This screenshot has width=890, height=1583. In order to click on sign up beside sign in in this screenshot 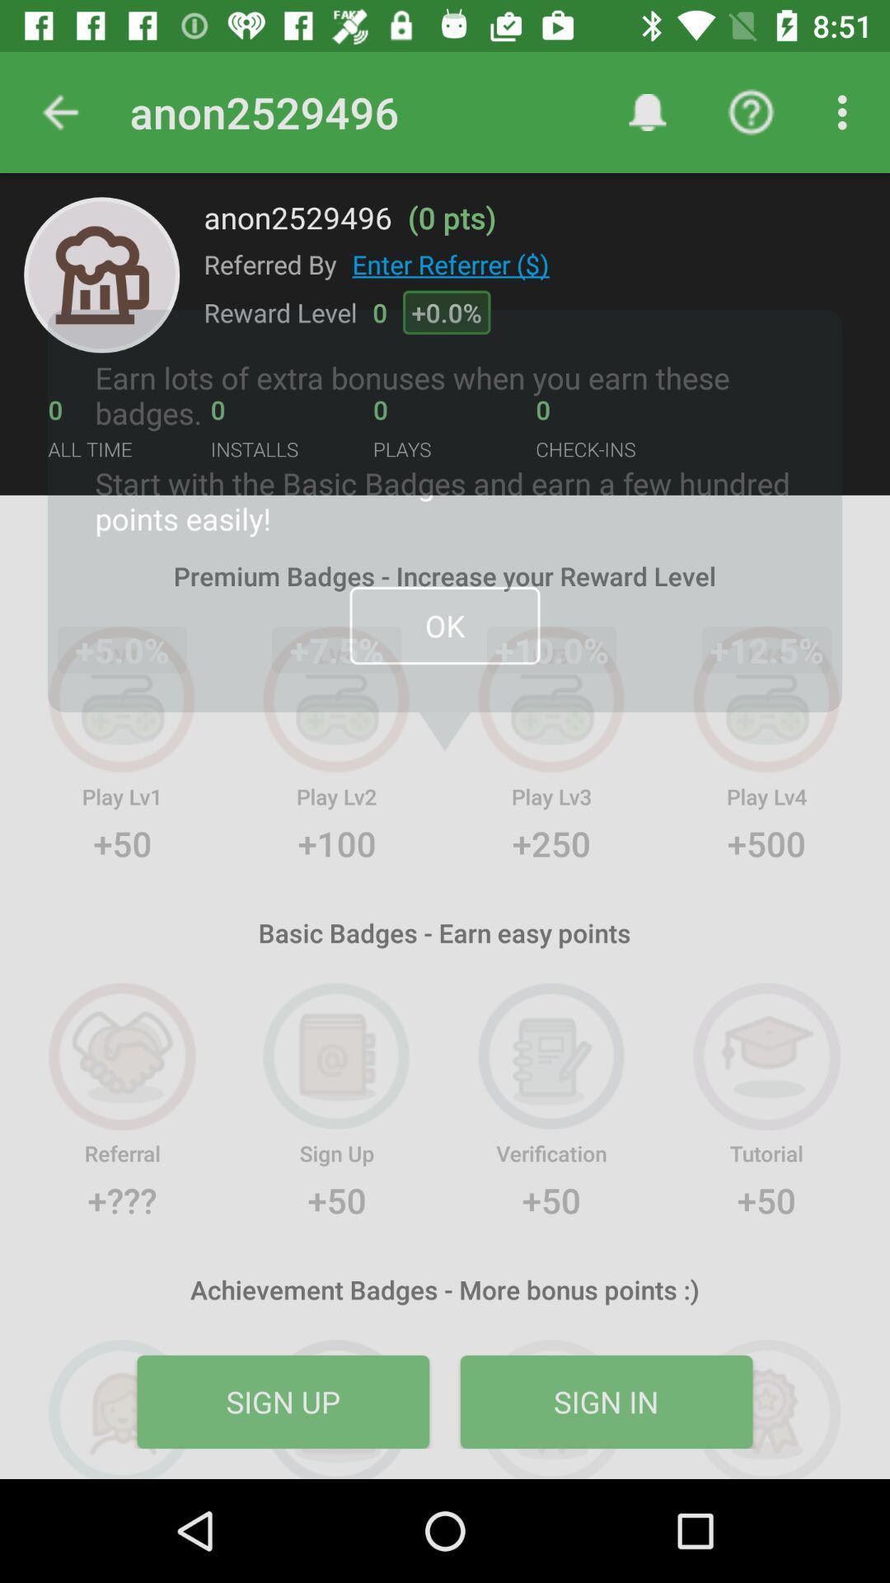, I will do `click(282, 1401)`.